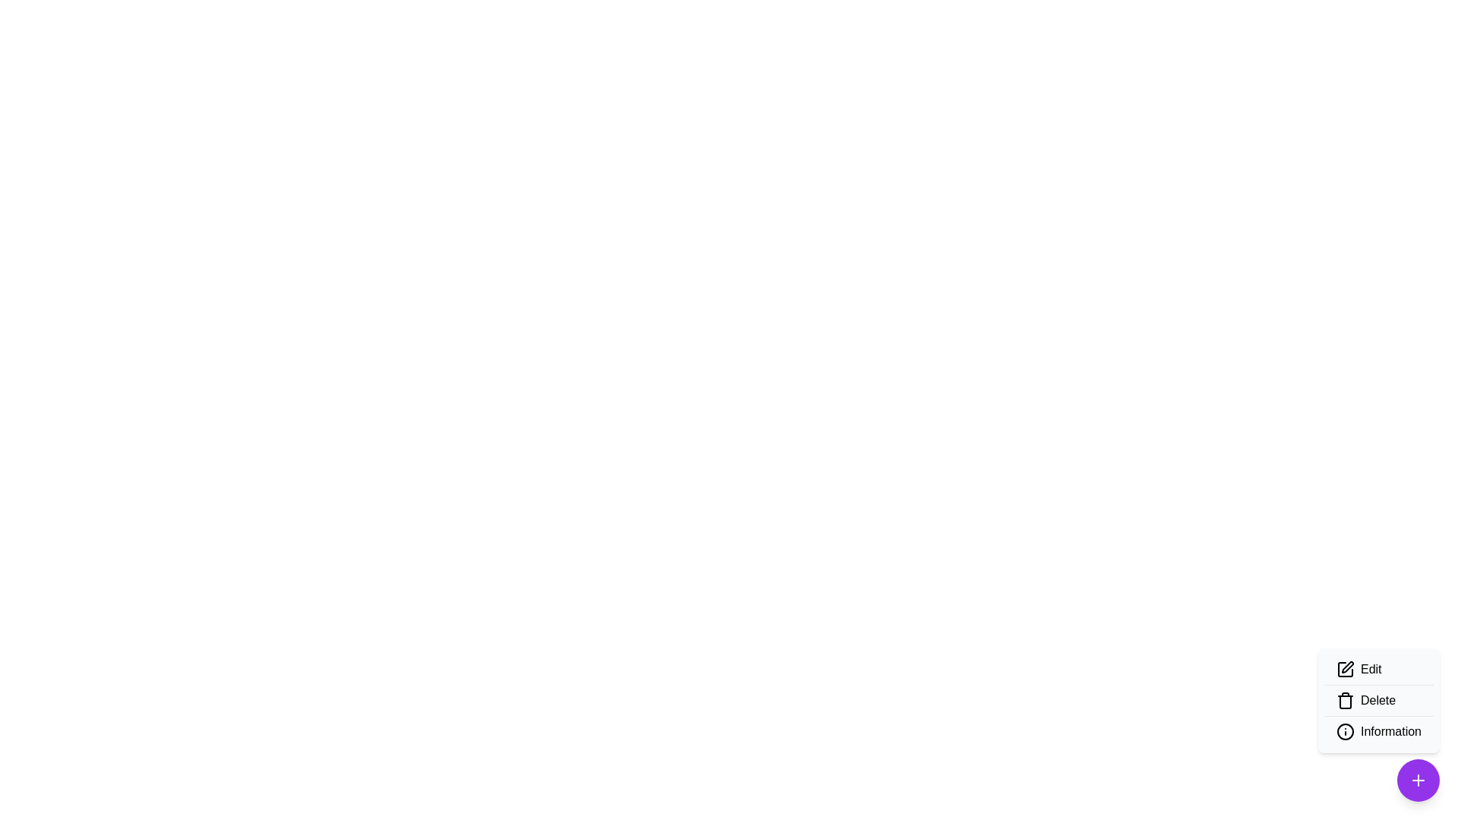 The image size is (1458, 820). Describe the element at coordinates (1345, 731) in the screenshot. I see `the circular icon button resembling an information symbol` at that location.